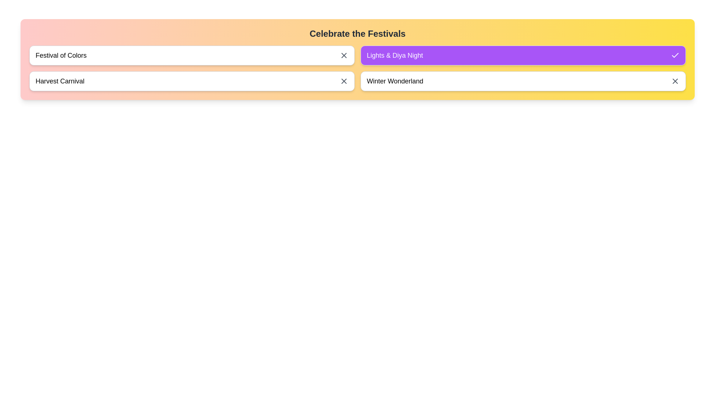 This screenshot has width=705, height=397. What do you see at coordinates (523, 55) in the screenshot?
I see `the chip labeled Lights & Diya Night` at bounding box center [523, 55].